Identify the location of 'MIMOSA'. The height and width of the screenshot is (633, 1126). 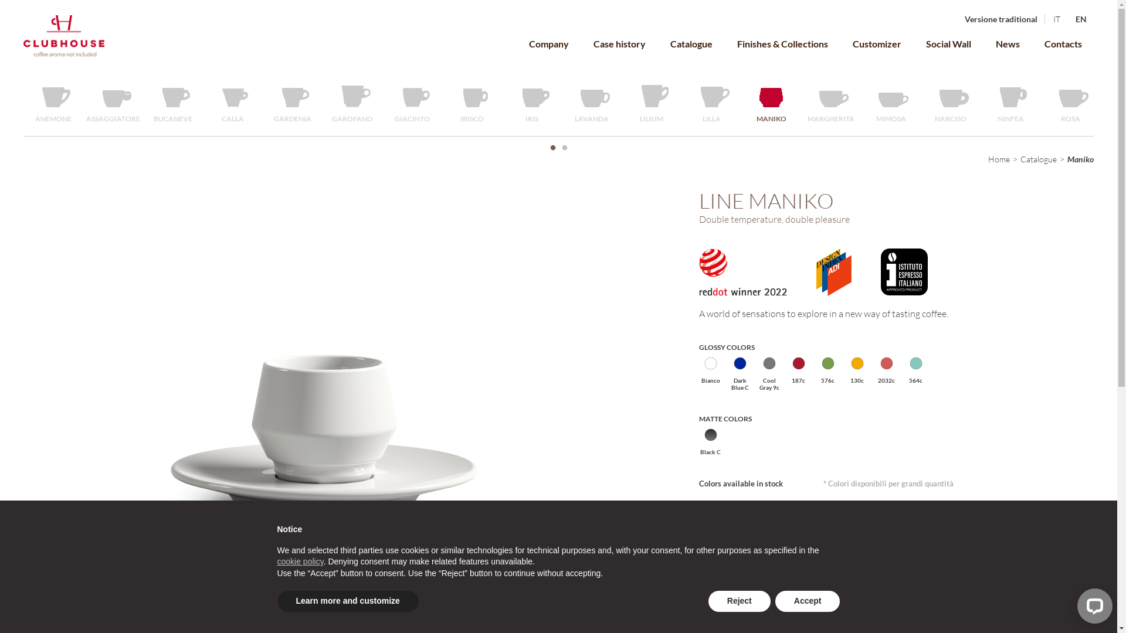
(890, 101).